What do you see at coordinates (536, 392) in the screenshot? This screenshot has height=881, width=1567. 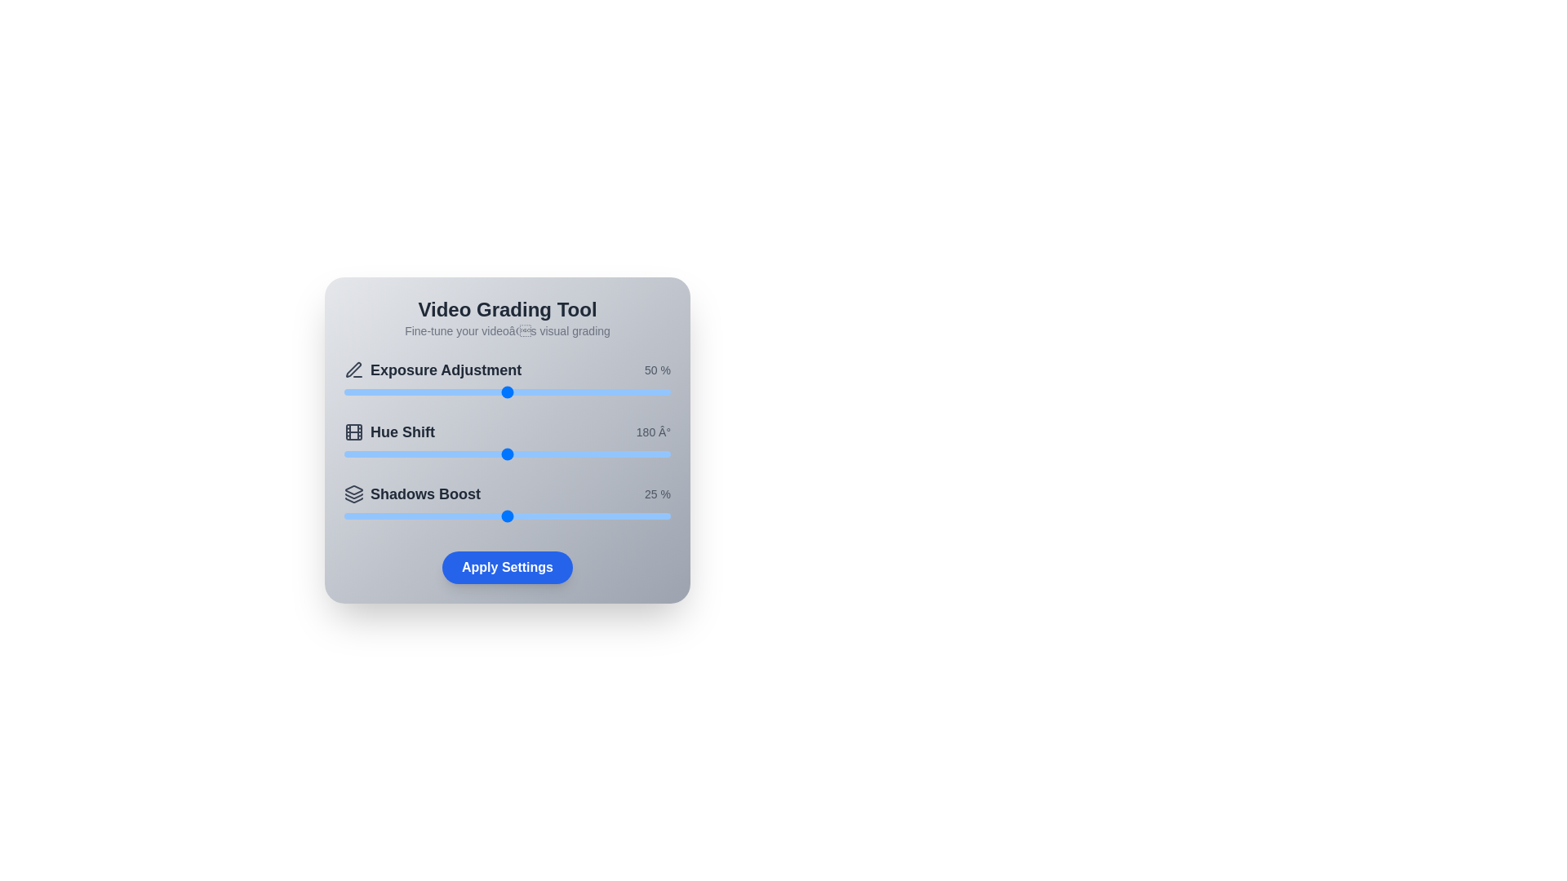 I see `the exposure adjustment` at bounding box center [536, 392].